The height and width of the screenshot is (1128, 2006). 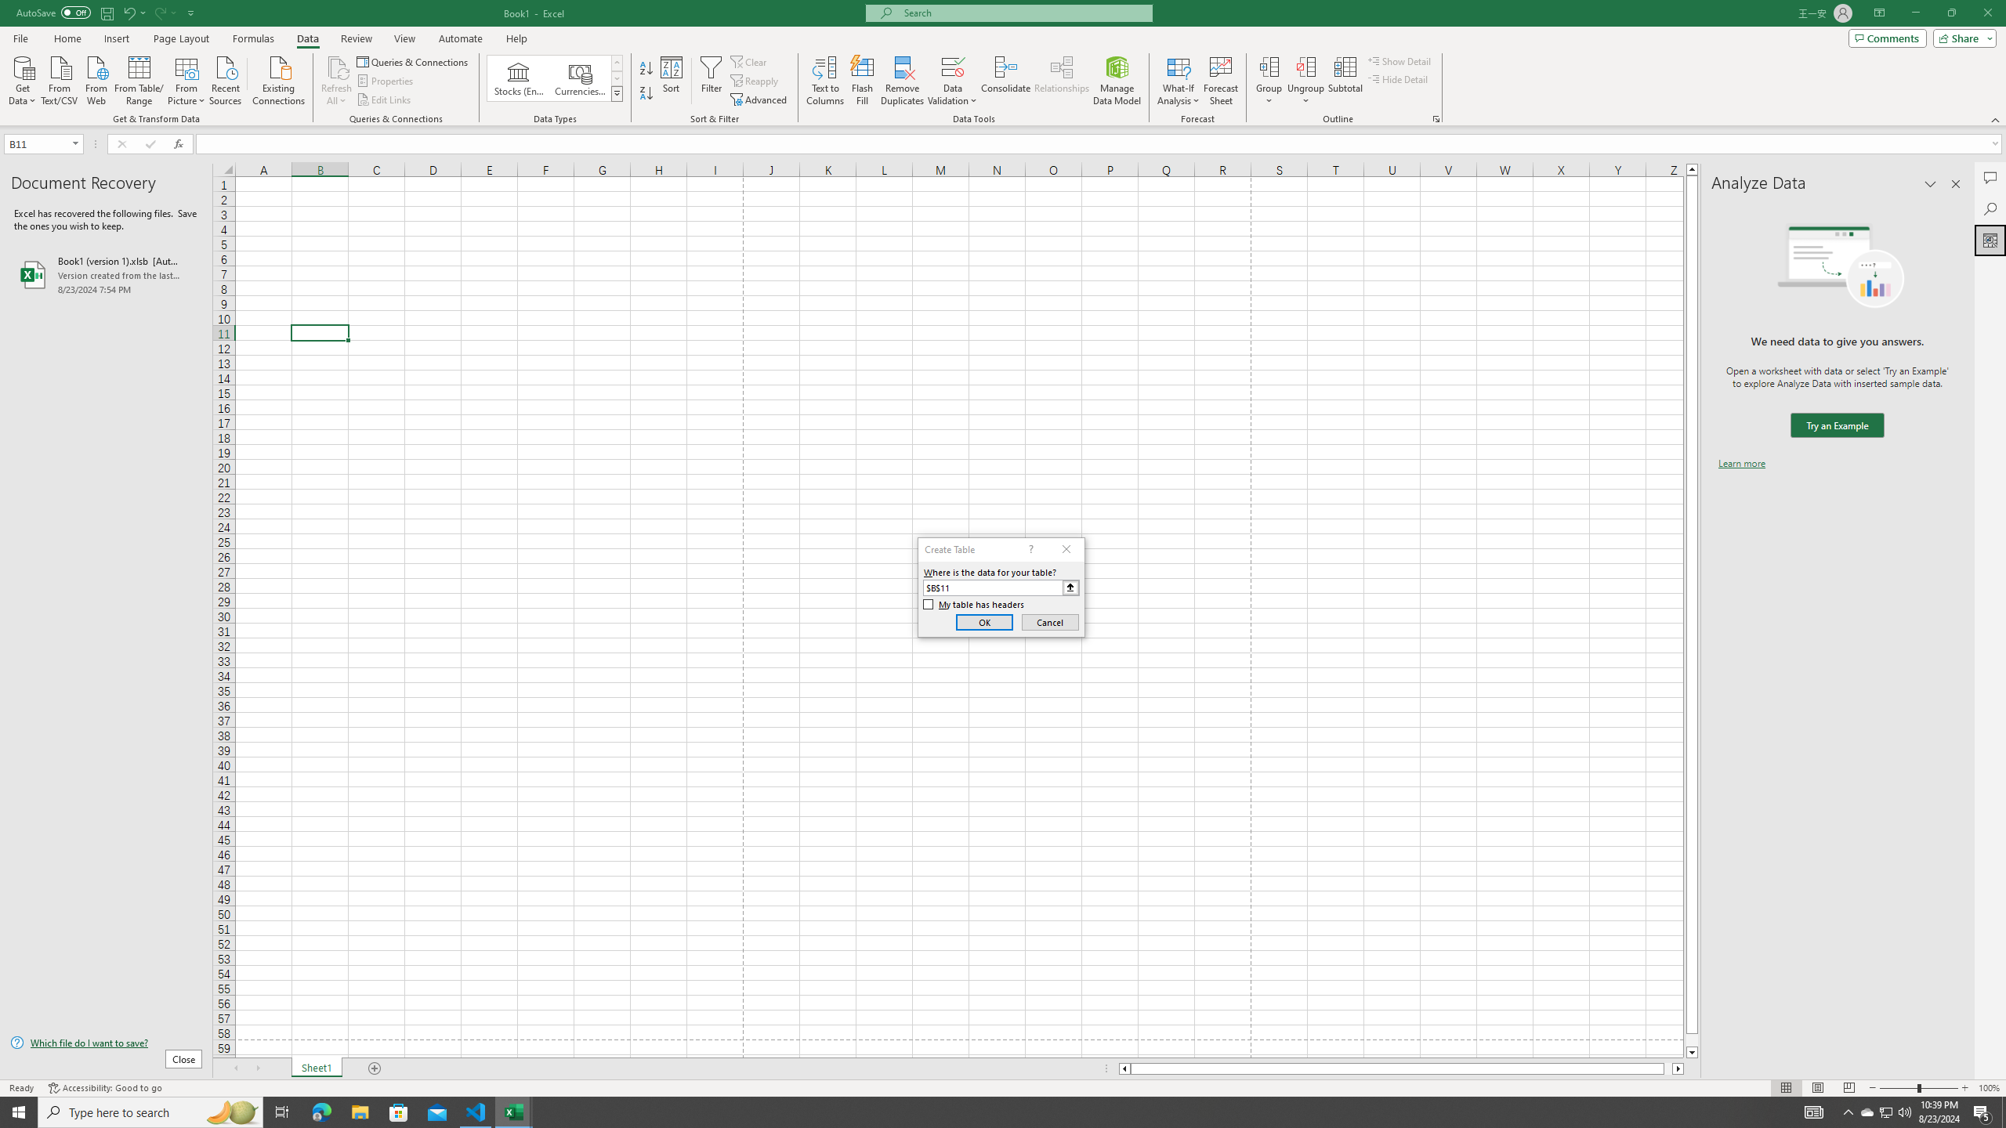 I want to click on 'Group...', so click(x=1269, y=66).